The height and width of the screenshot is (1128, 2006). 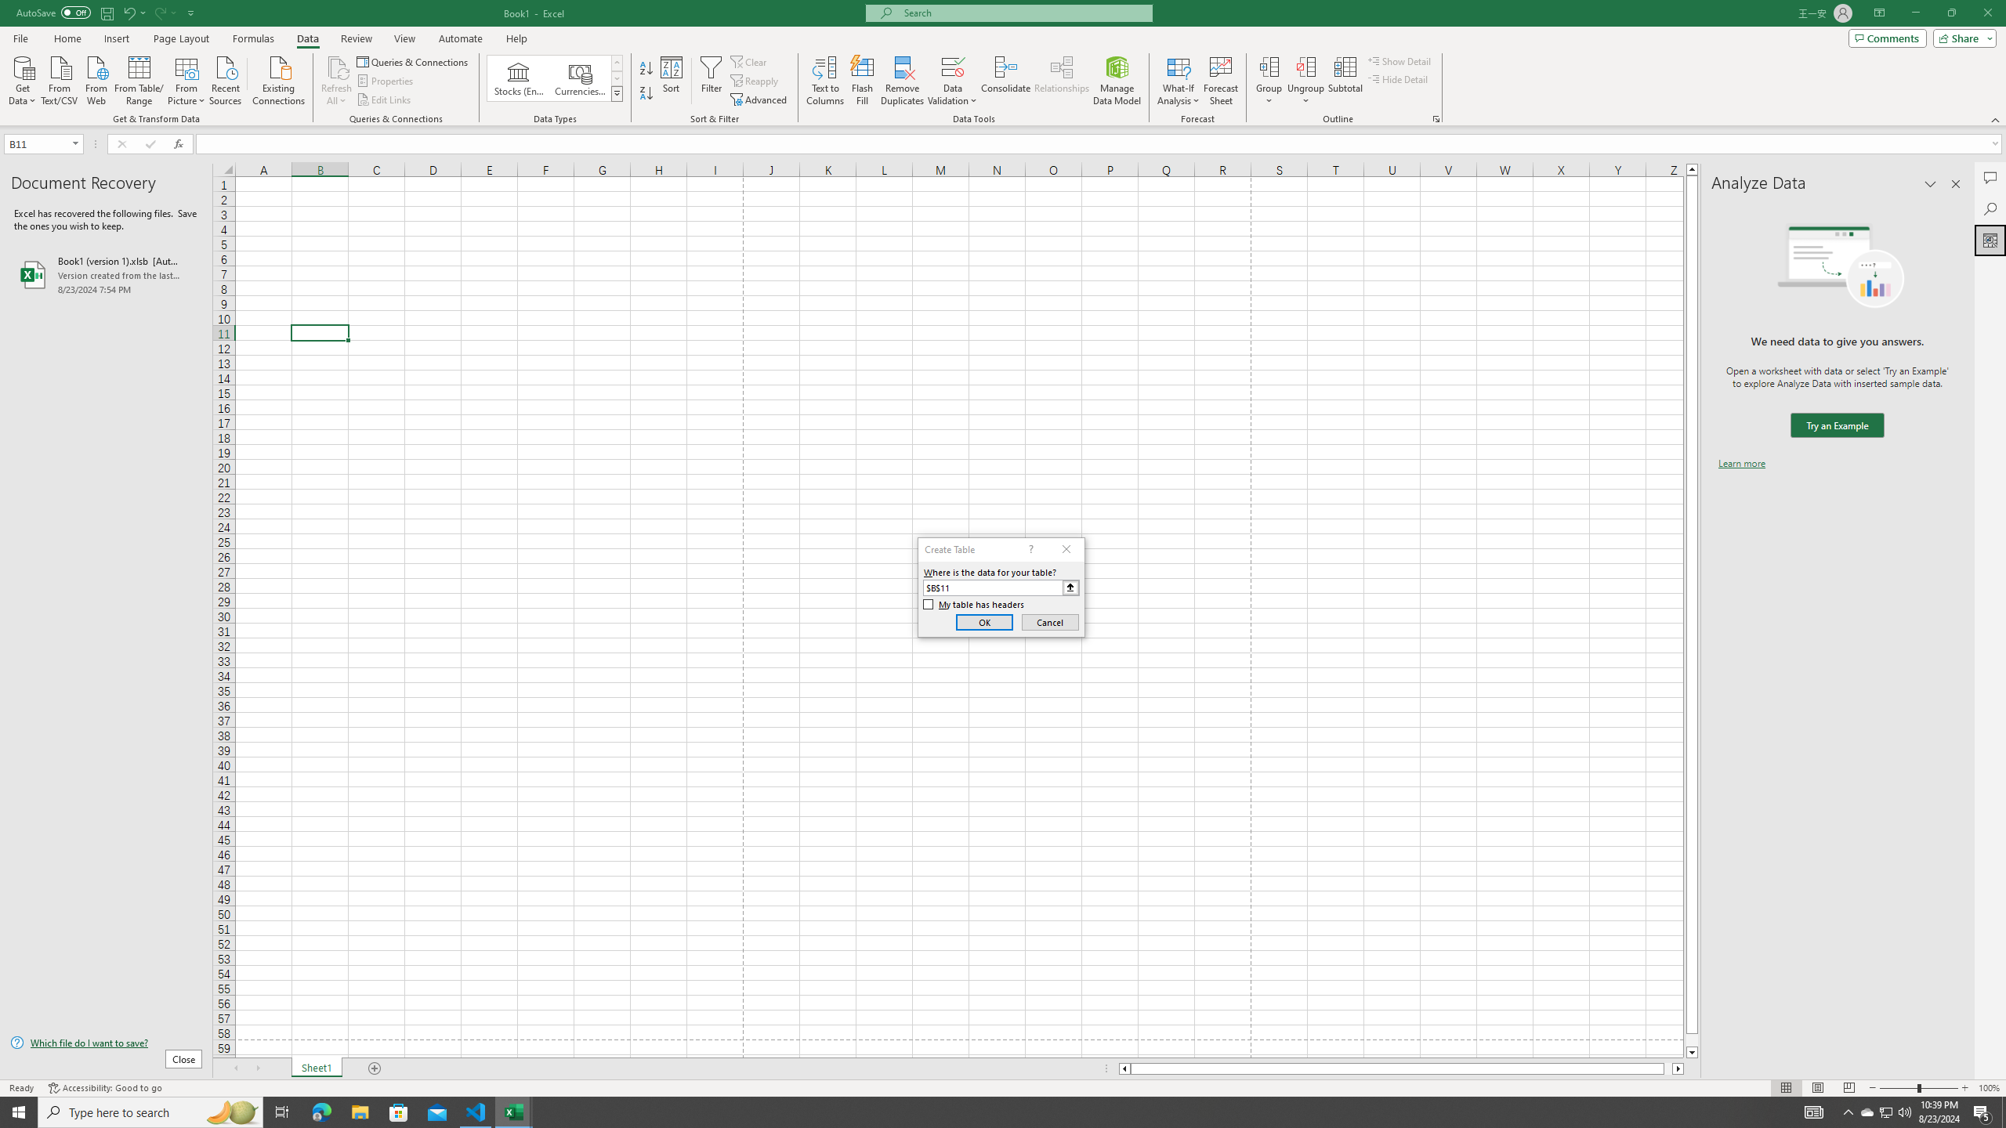 I want to click on 'Group...', so click(x=1269, y=66).